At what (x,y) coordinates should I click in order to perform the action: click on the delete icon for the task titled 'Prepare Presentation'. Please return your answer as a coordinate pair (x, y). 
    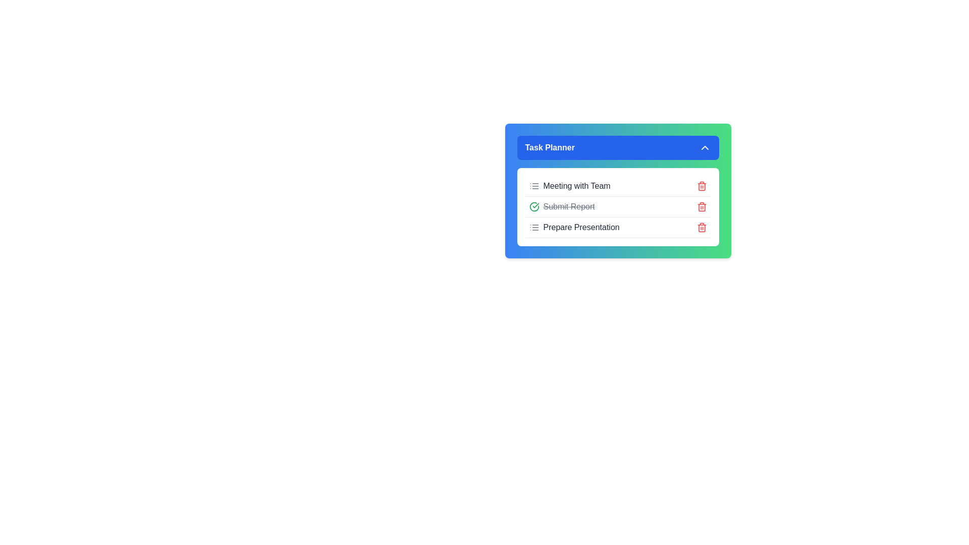
    Looking at the image, I should click on (701, 228).